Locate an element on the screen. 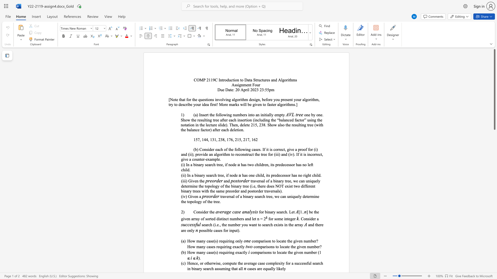  the scrollbar to move the page down is located at coordinates (494, 204).